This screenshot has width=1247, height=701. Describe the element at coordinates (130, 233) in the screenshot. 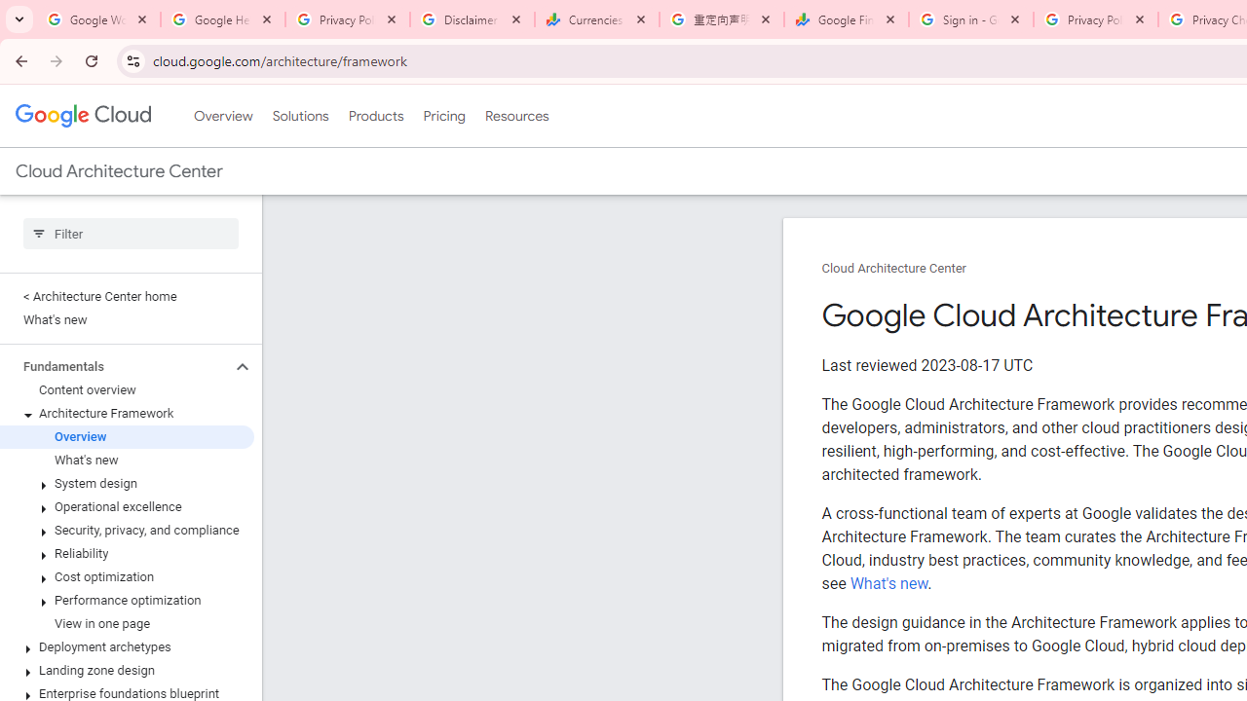

I see `'Type to filter'` at that location.